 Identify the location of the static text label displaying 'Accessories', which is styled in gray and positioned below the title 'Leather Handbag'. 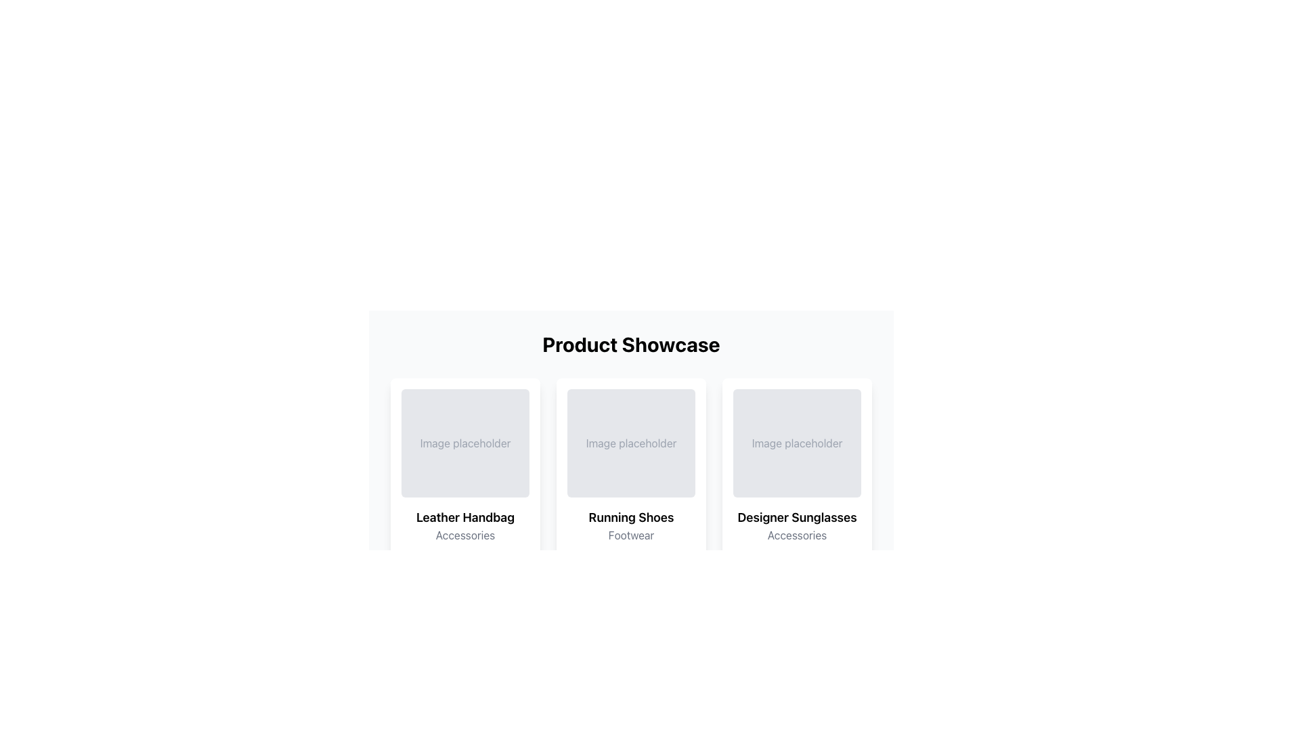
(465, 534).